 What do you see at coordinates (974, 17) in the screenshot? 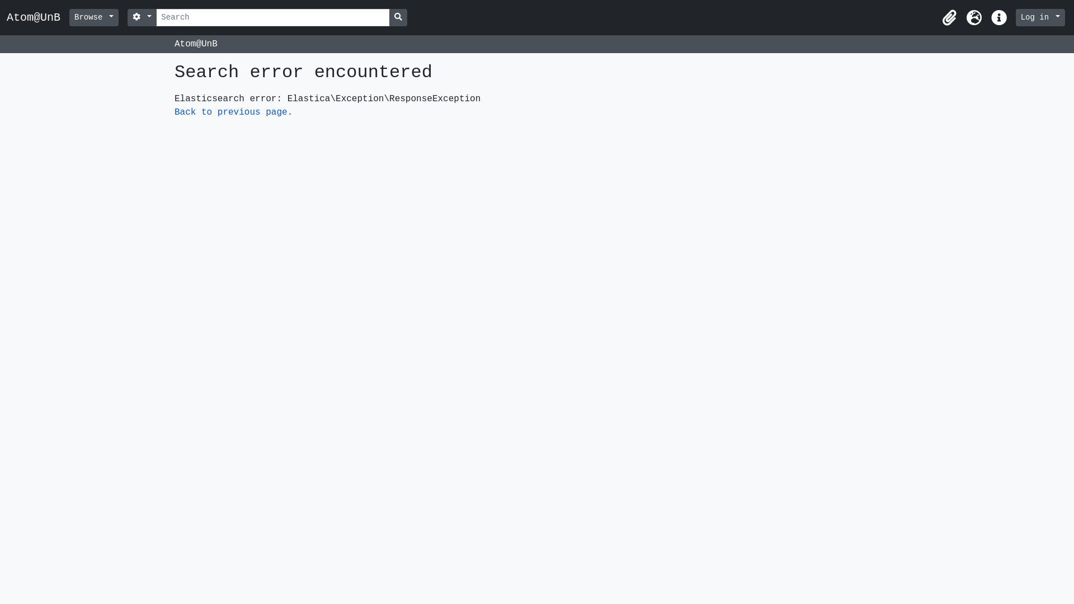
I see `'Language'` at bounding box center [974, 17].